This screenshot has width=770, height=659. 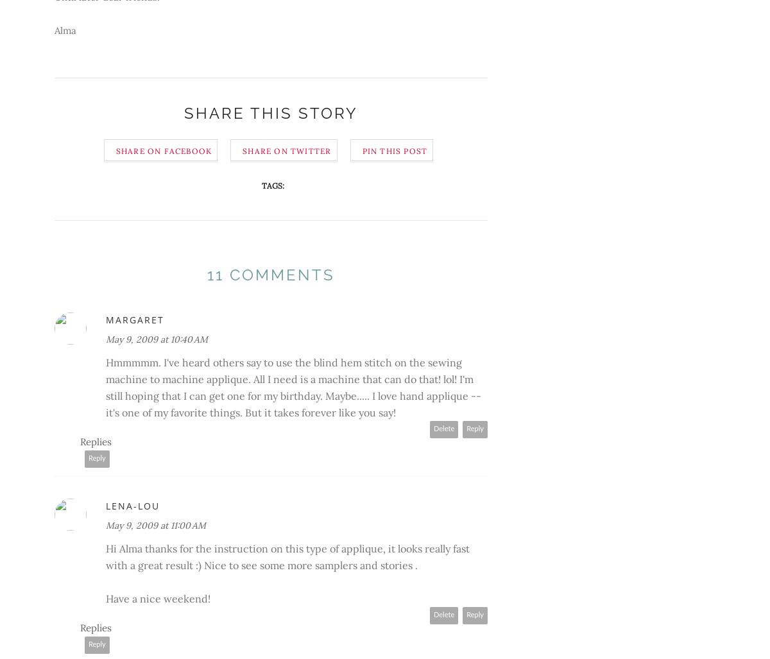 I want to click on 'Hi Alma thanks for the instruction on this type of applique,   it looks really fast with a great result :)  Nice to see some more samplers and stories .', so click(x=287, y=555).